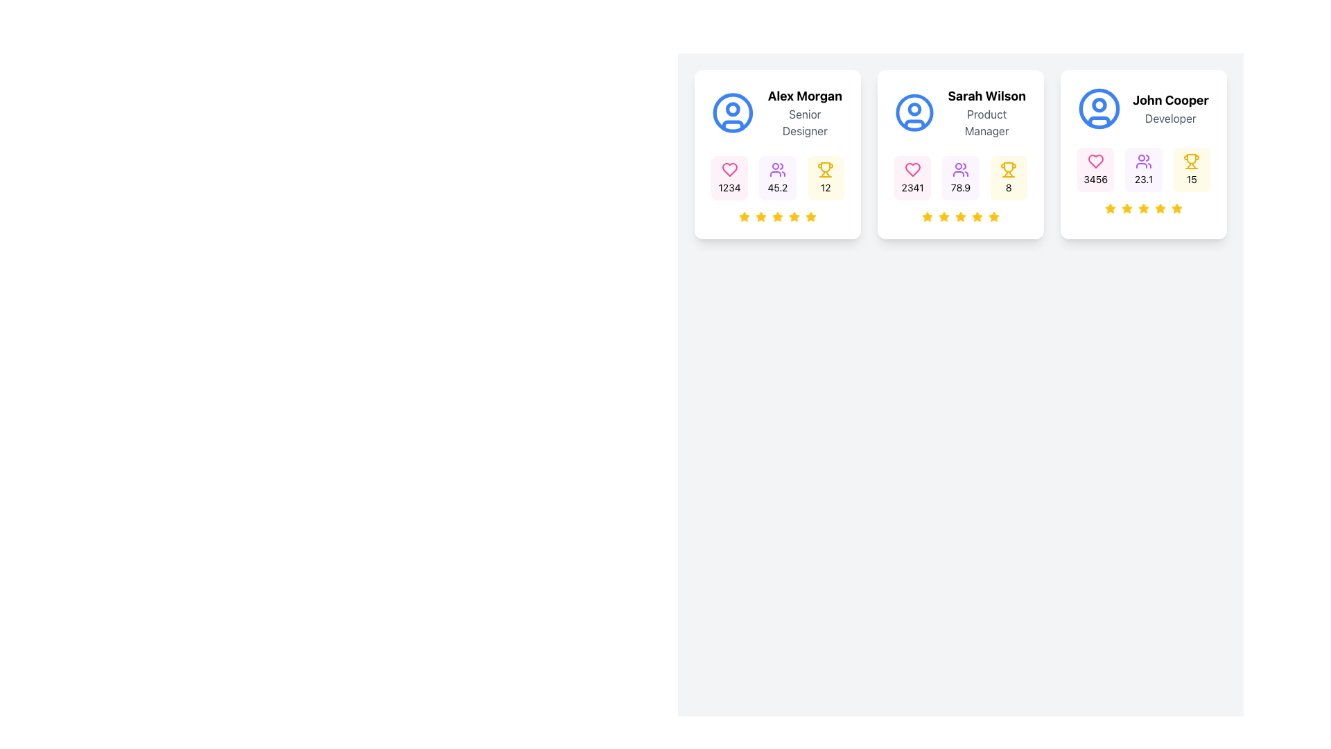 Image resolution: width=1331 pixels, height=749 pixels. What do you see at coordinates (1009, 187) in the screenshot?
I see `the numerical value display located within the third profile card, positioned below the trophy icon in the yellow-background section` at bounding box center [1009, 187].